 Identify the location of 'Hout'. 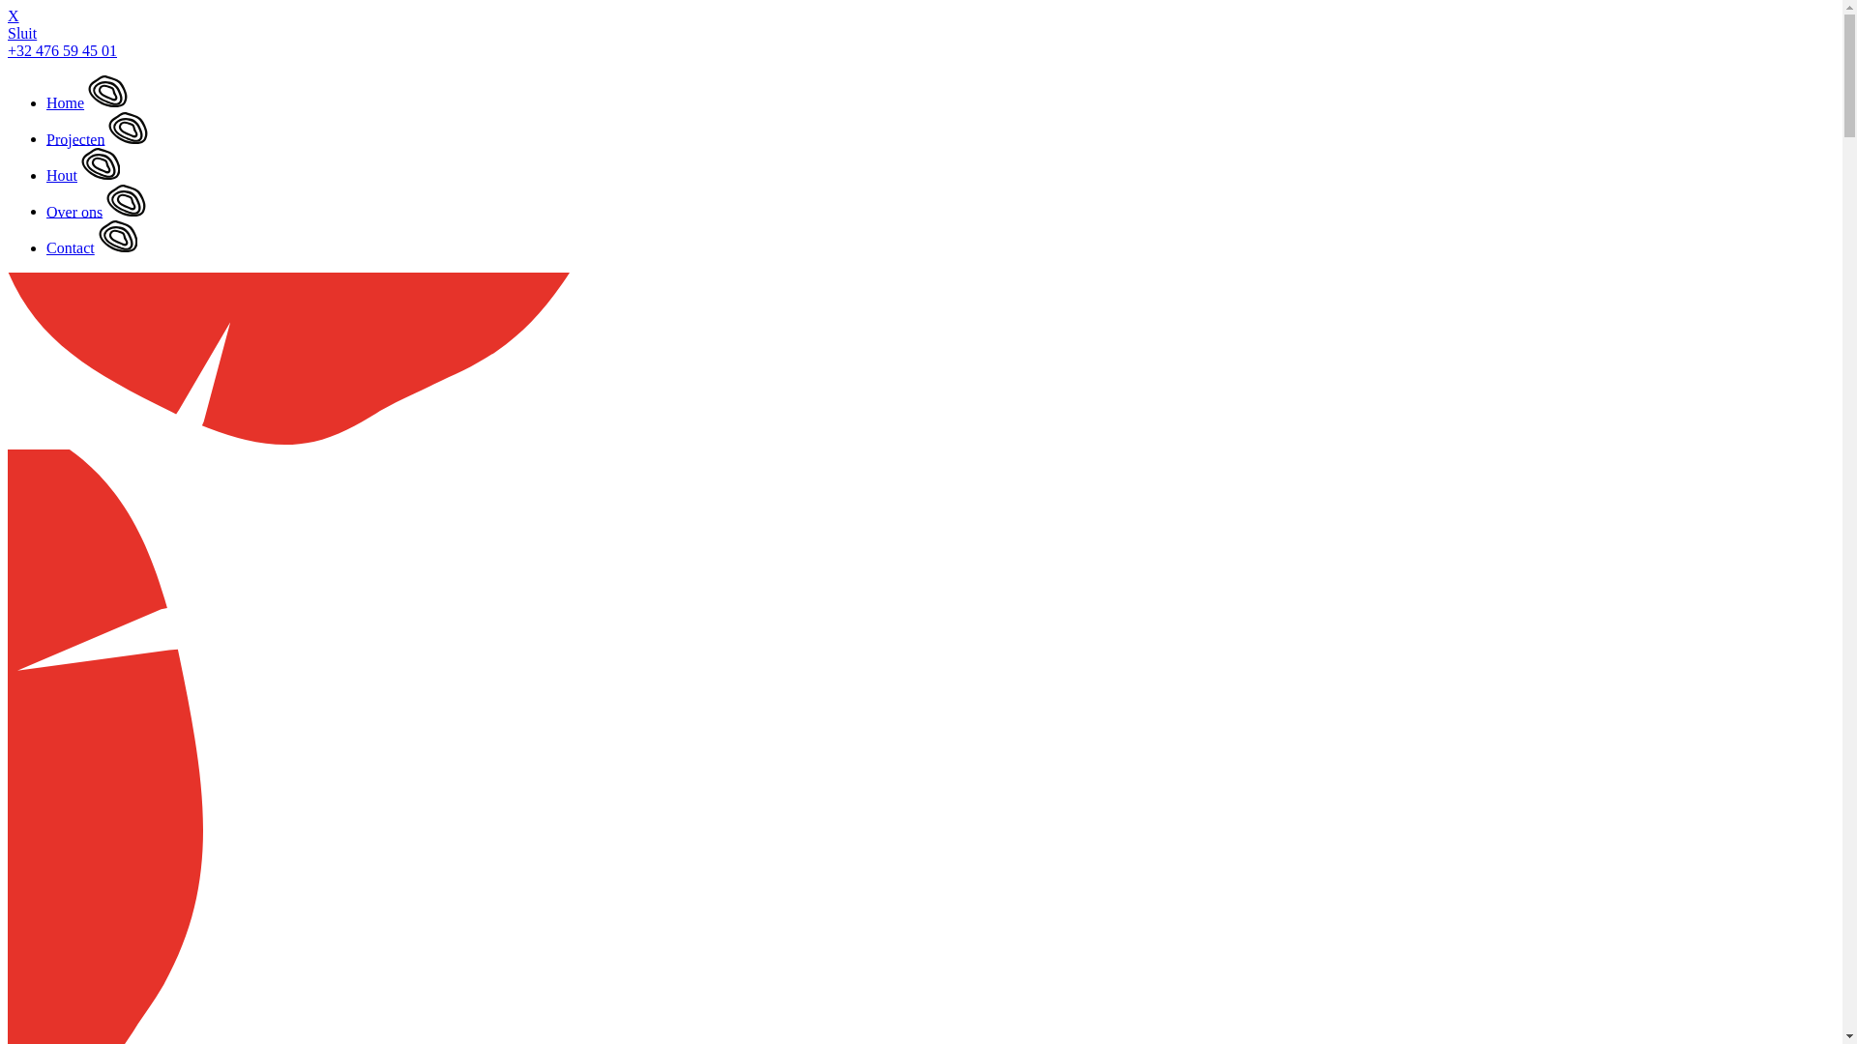
(61, 175).